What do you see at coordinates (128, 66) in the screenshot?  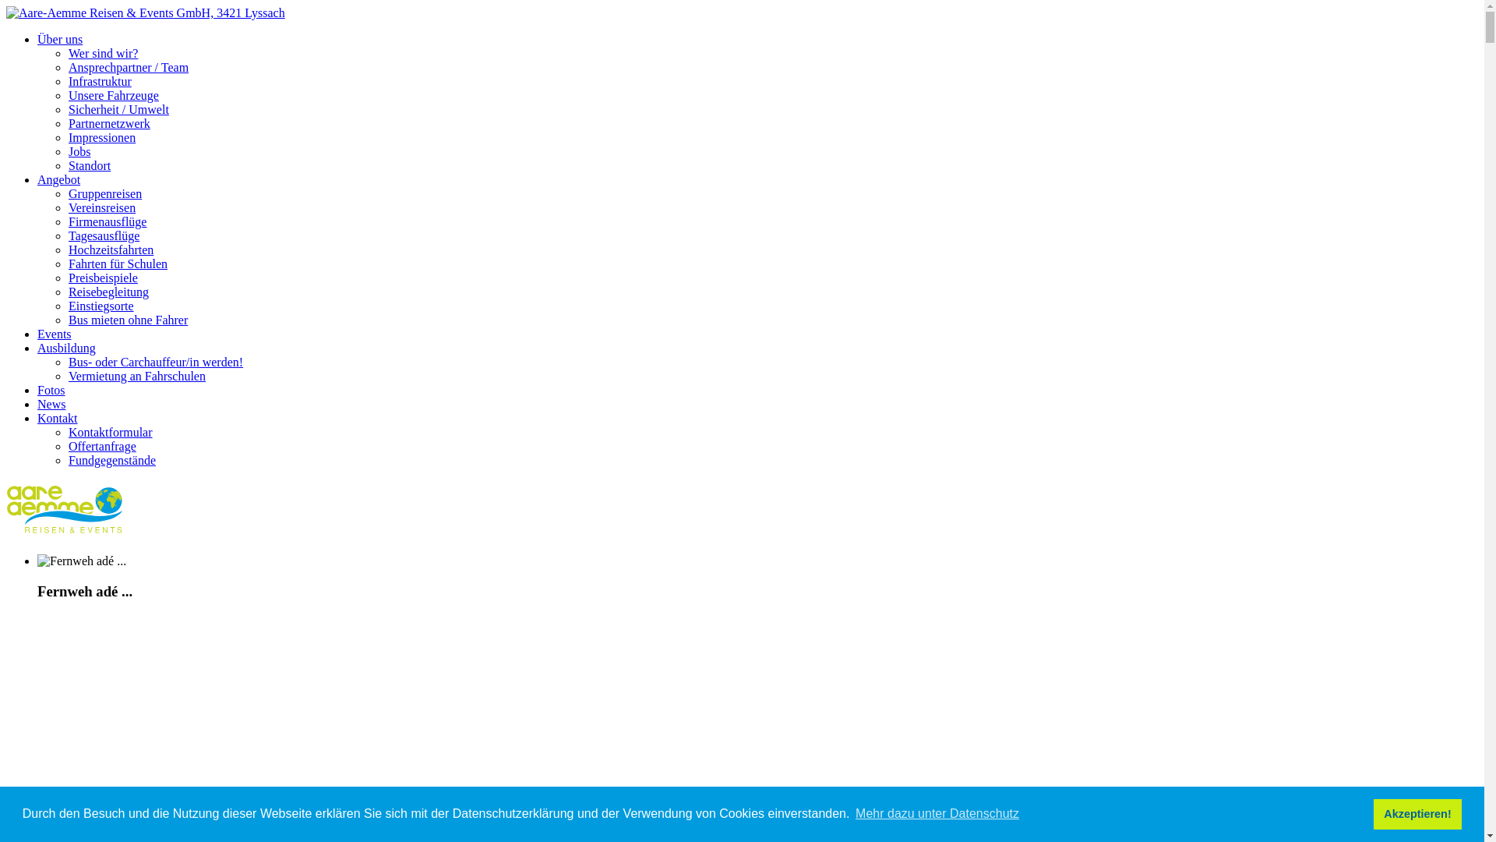 I see `'Ansprechpartner / Team'` at bounding box center [128, 66].